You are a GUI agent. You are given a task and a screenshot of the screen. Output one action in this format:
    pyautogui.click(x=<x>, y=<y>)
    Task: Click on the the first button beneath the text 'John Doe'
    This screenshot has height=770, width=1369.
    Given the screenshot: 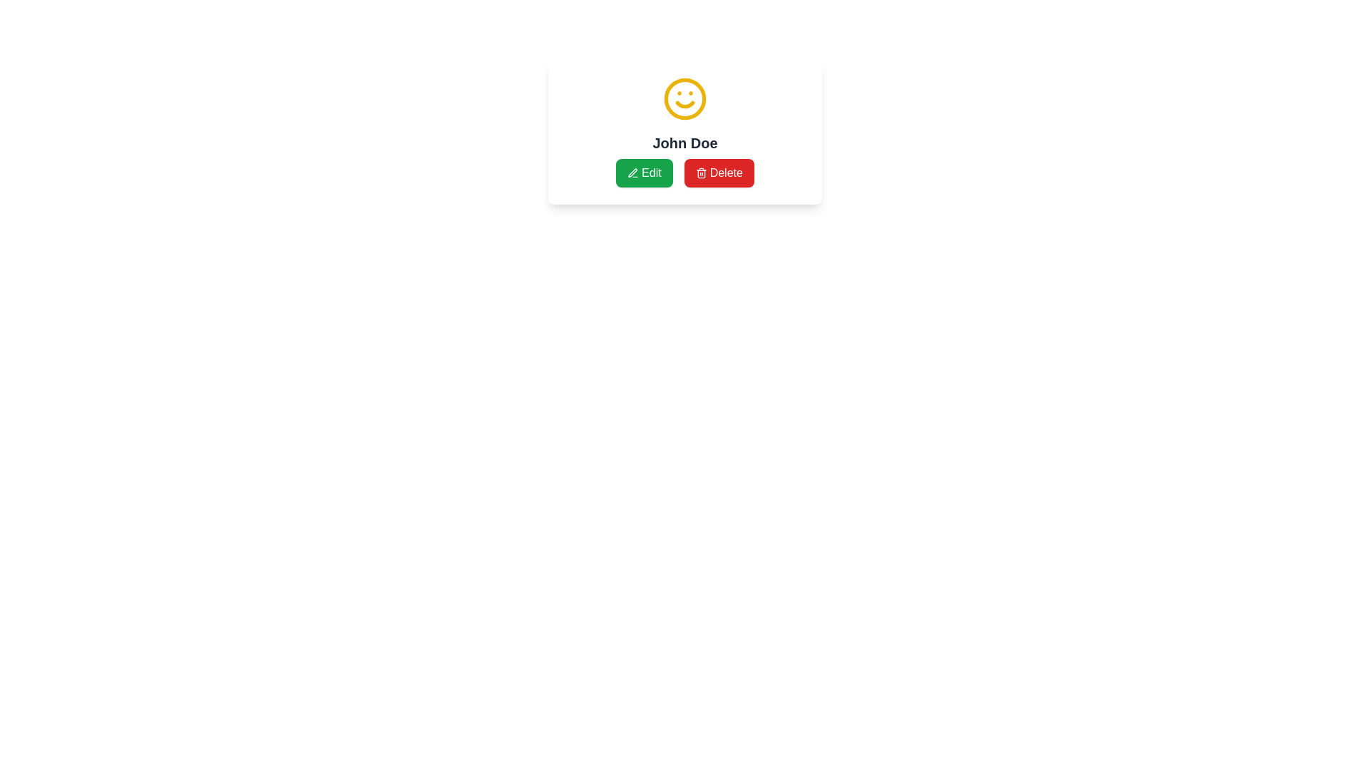 What is the action you would take?
    pyautogui.click(x=643, y=173)
    